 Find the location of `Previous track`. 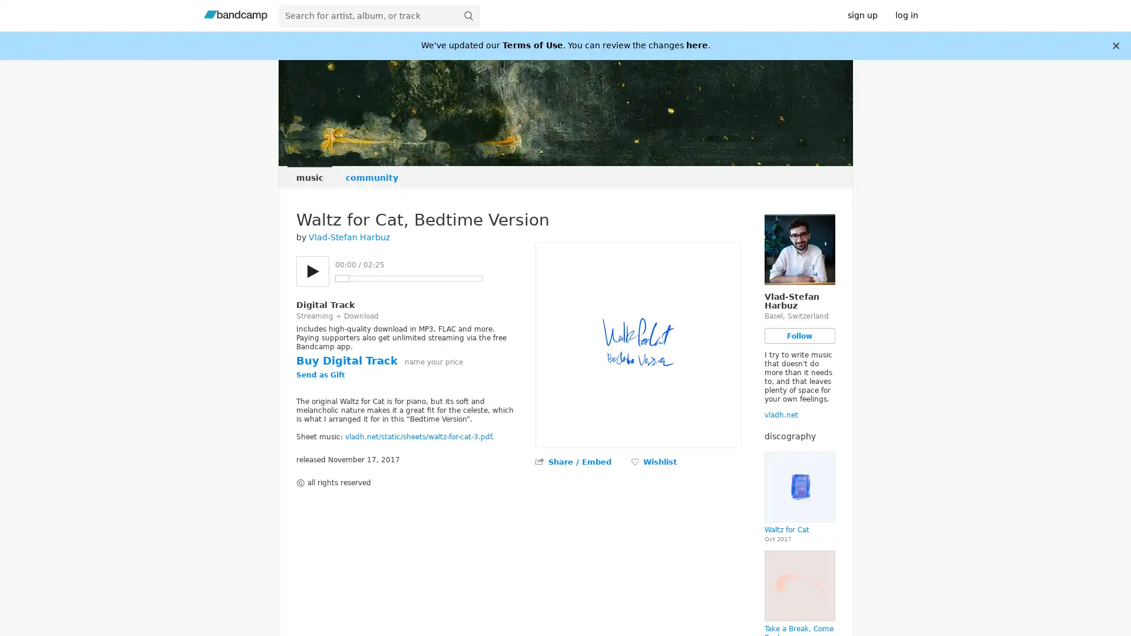

Previous track is located at coordinates (494, 279).